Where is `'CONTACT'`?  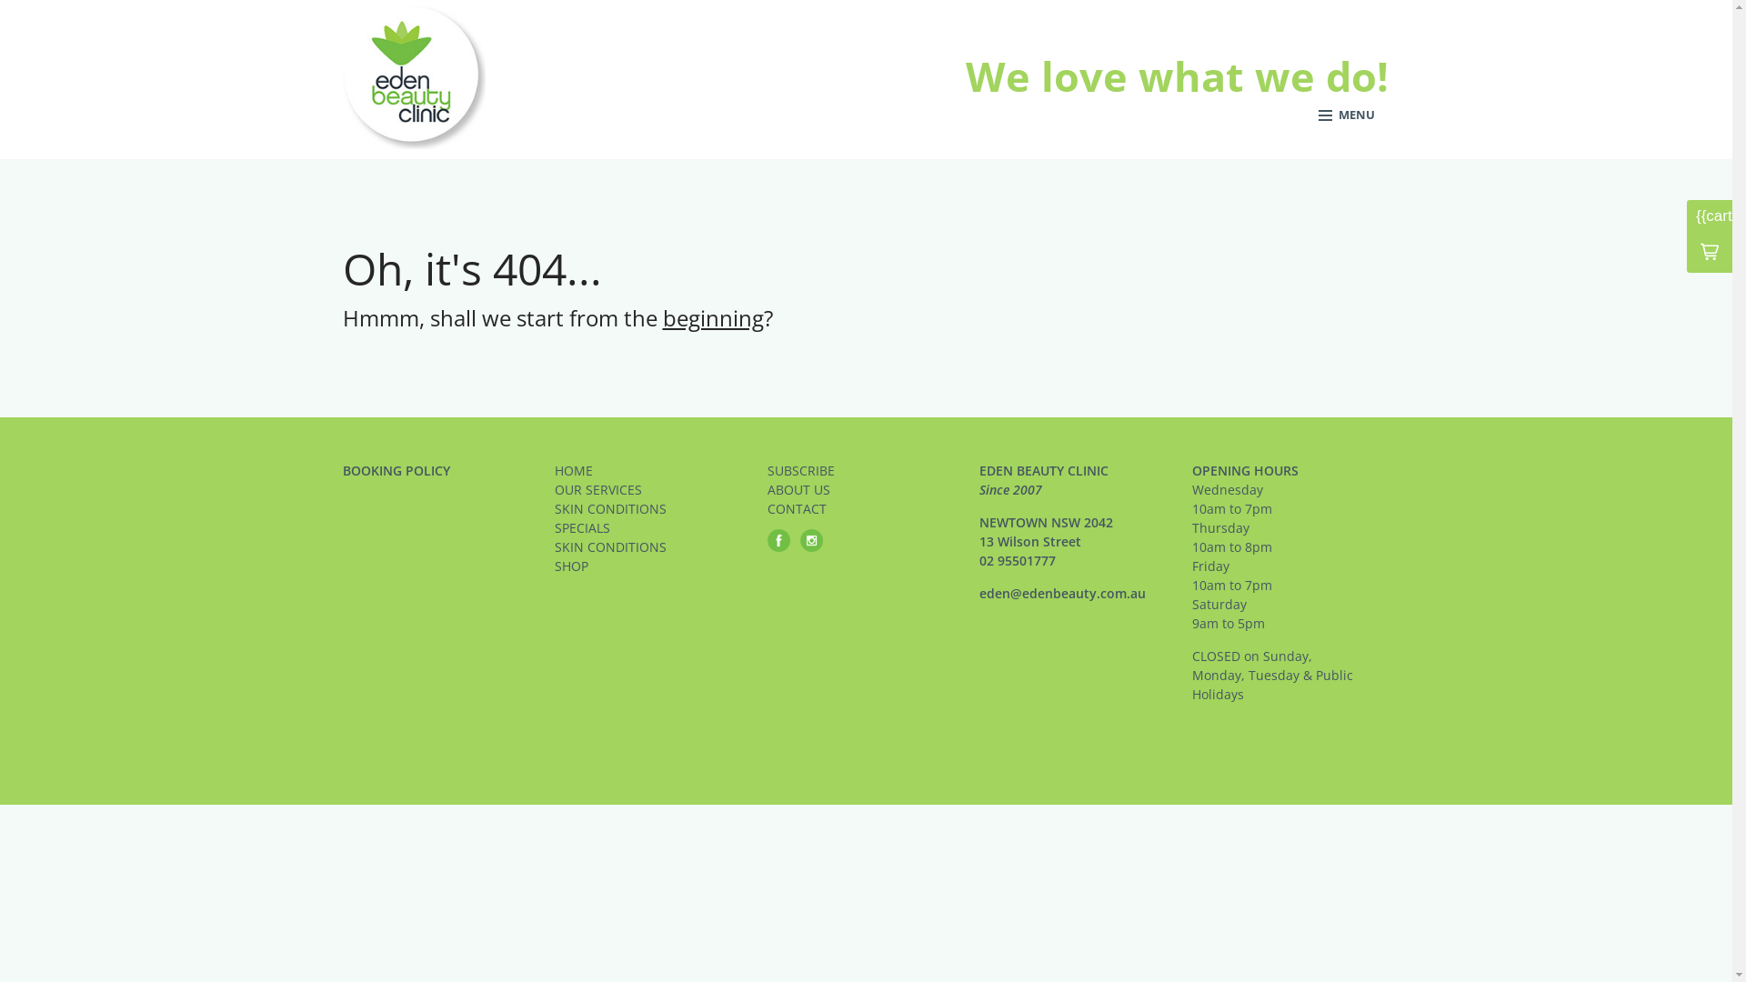 'CONTACT' is located at coordinates (866, 508).